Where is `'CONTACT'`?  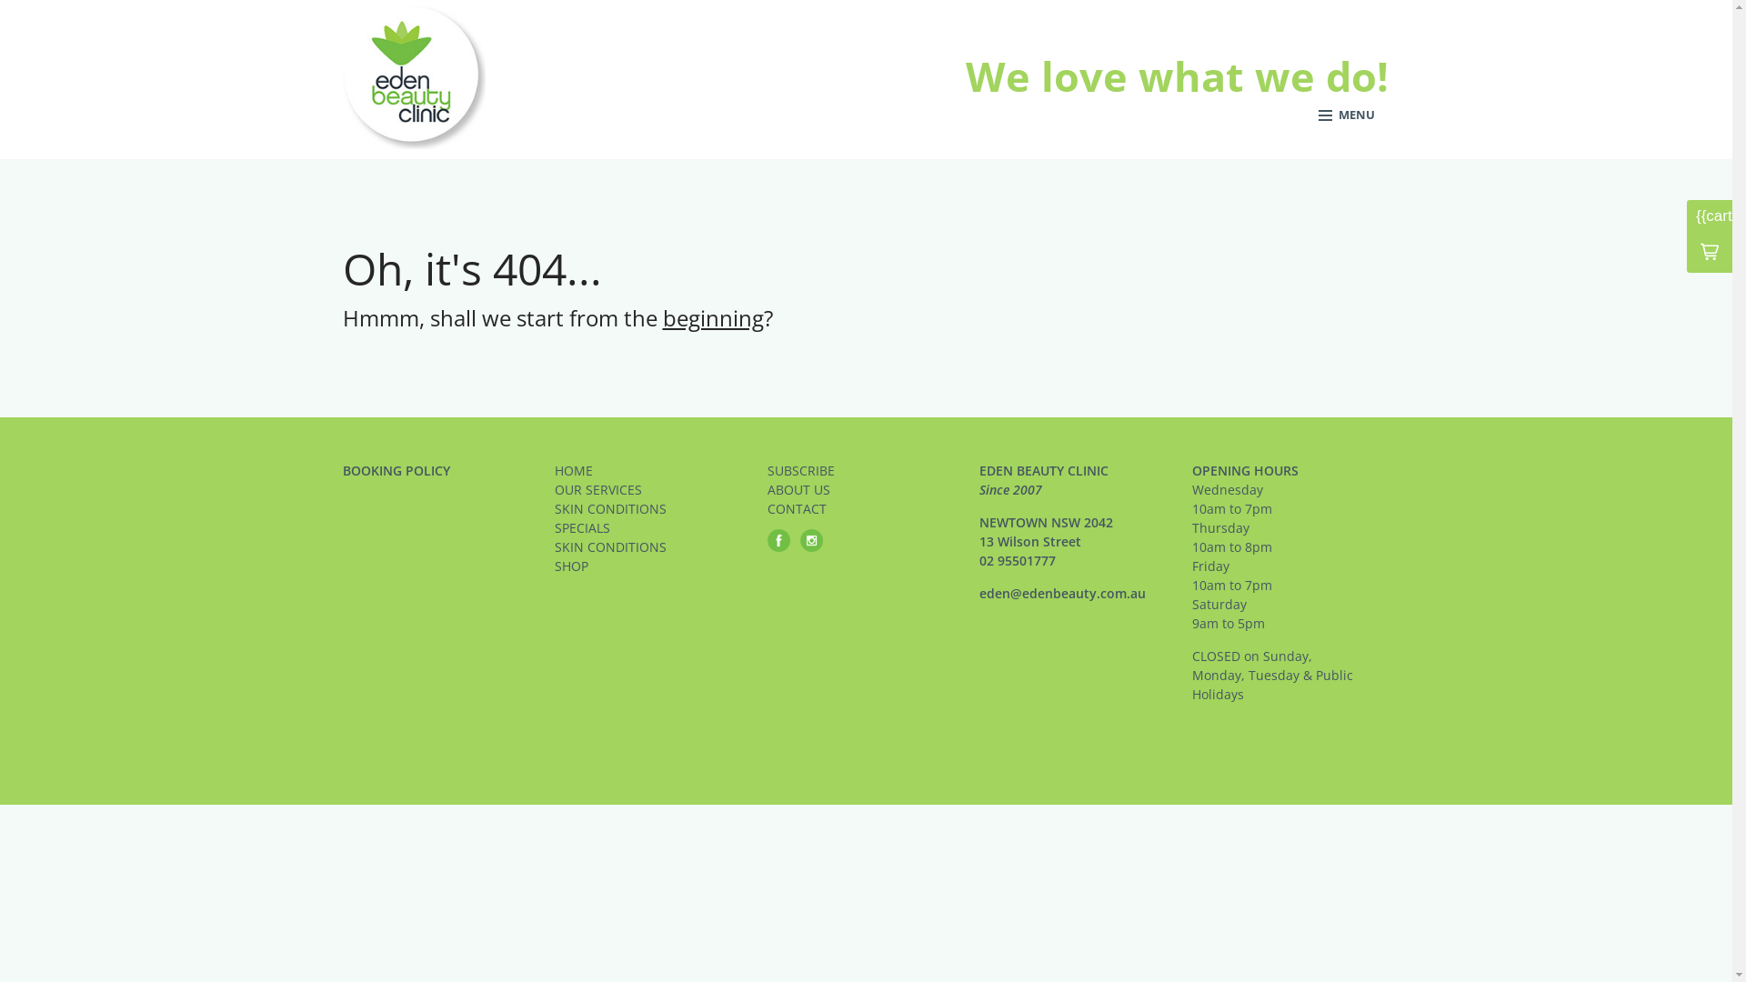 'CONTACT' is located at coordinates (866, 508).